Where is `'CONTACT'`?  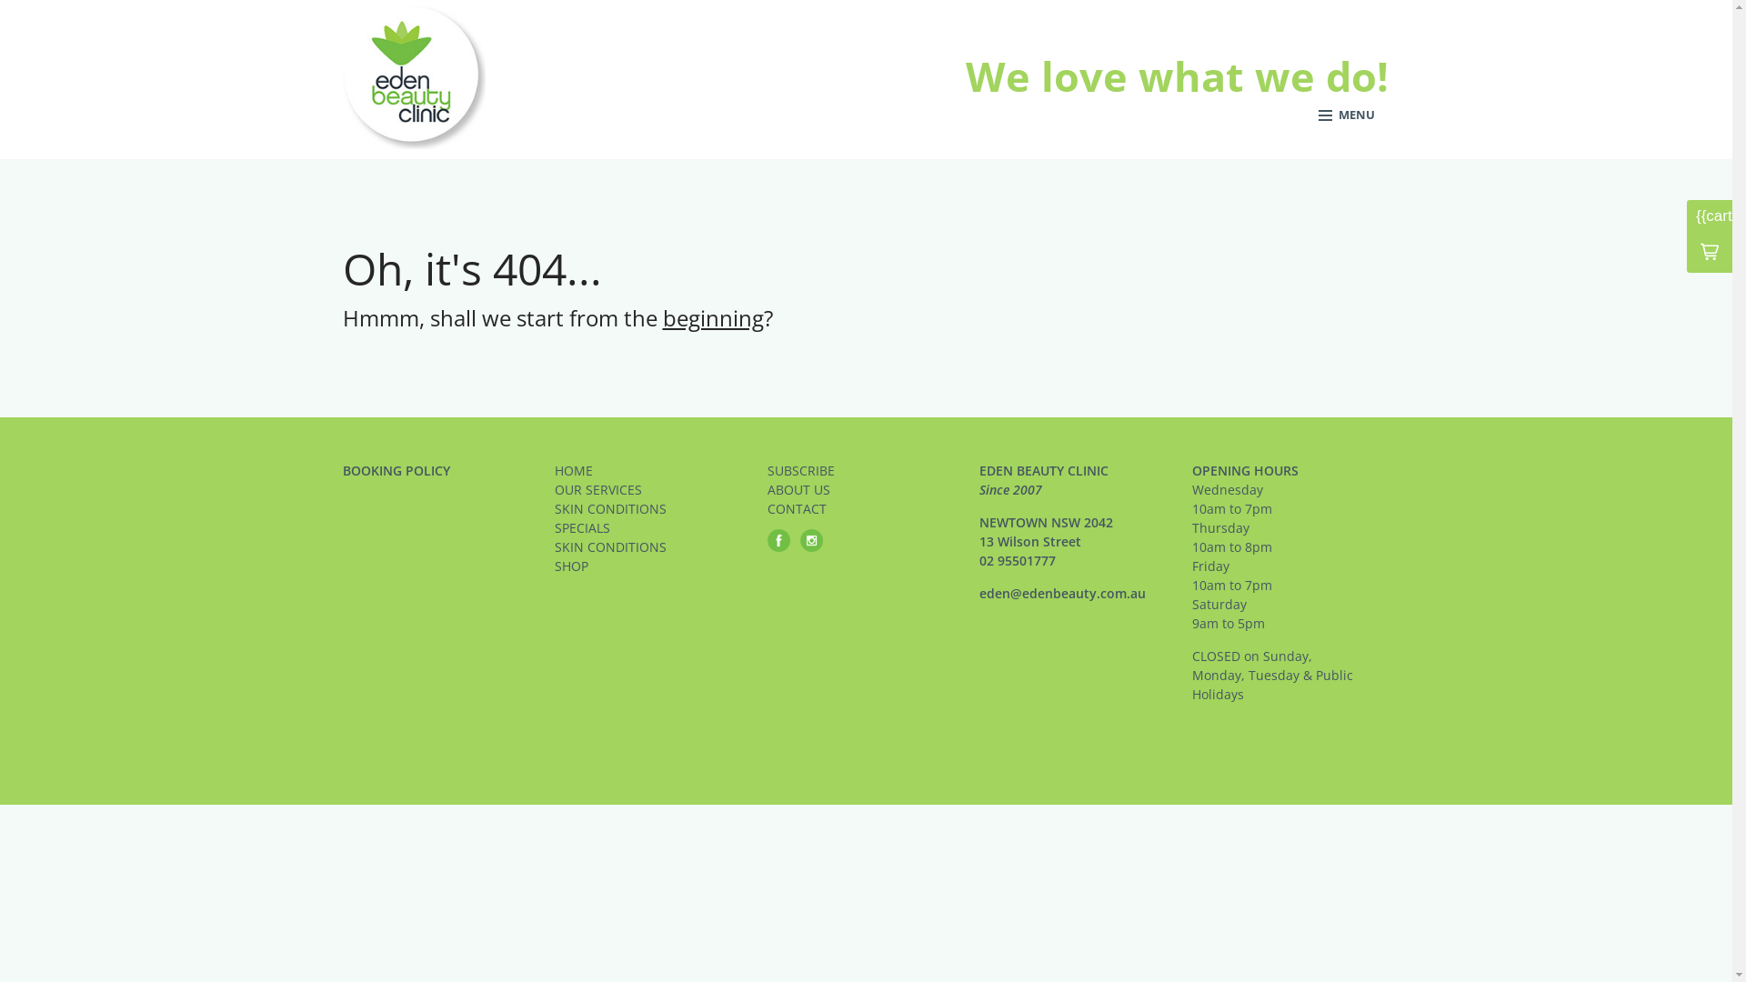 'CONTACT' is located at coordinates (866, 508).